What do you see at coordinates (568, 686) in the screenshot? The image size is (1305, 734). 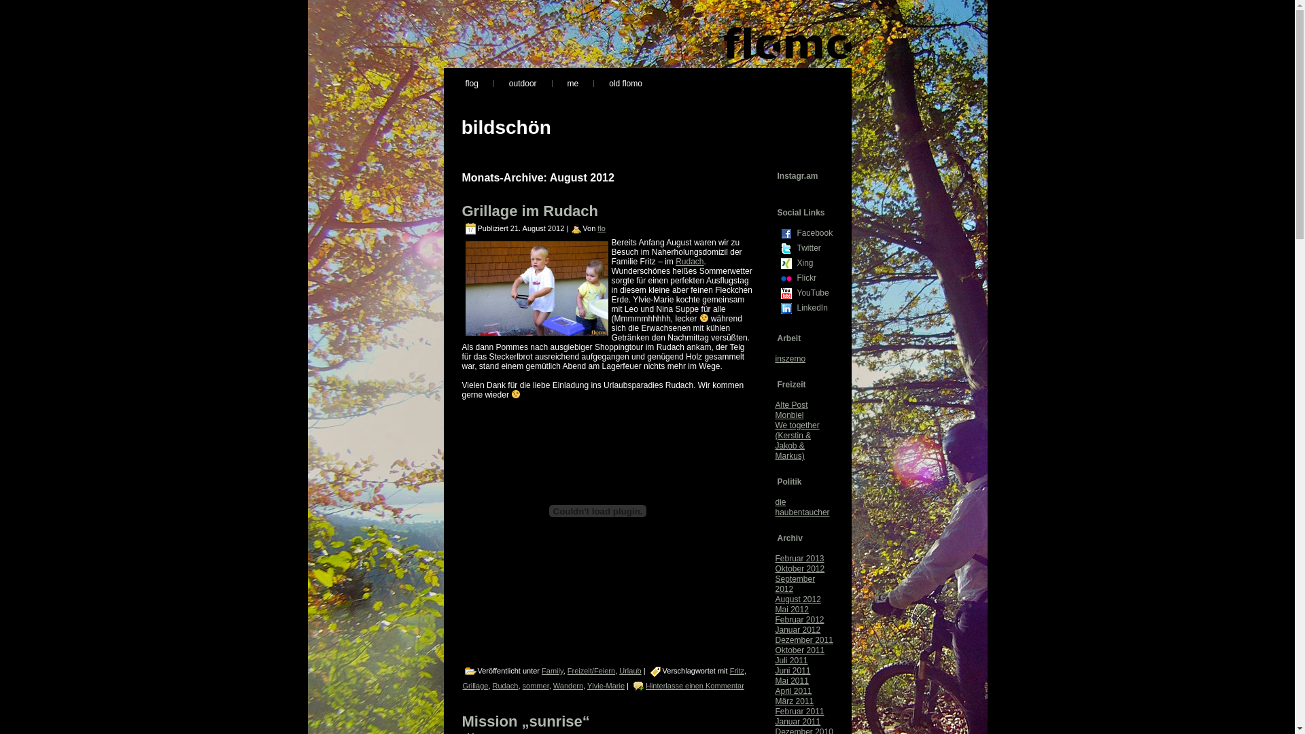 I see `'Wandern'` at bounding box center [568, 686].